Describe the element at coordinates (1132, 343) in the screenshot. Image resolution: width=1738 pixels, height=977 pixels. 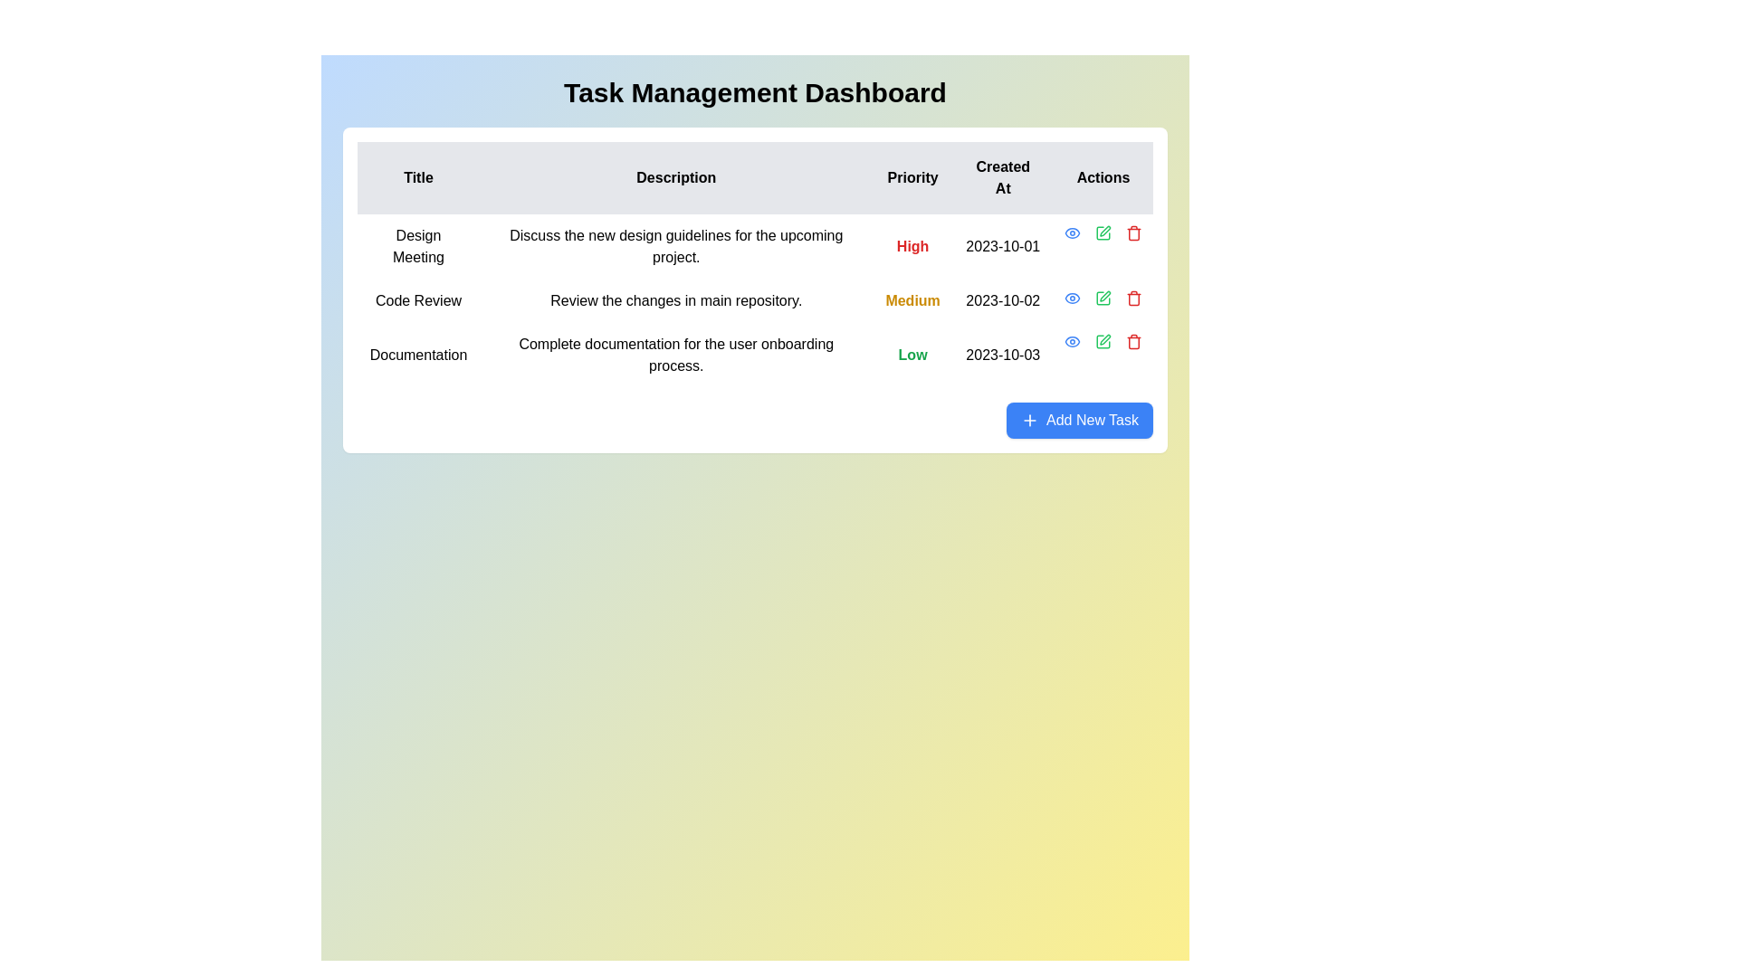
I see `the body of the trash bin icon, which is the third icon in the 'Actions' column of the task entry interface` at that location.